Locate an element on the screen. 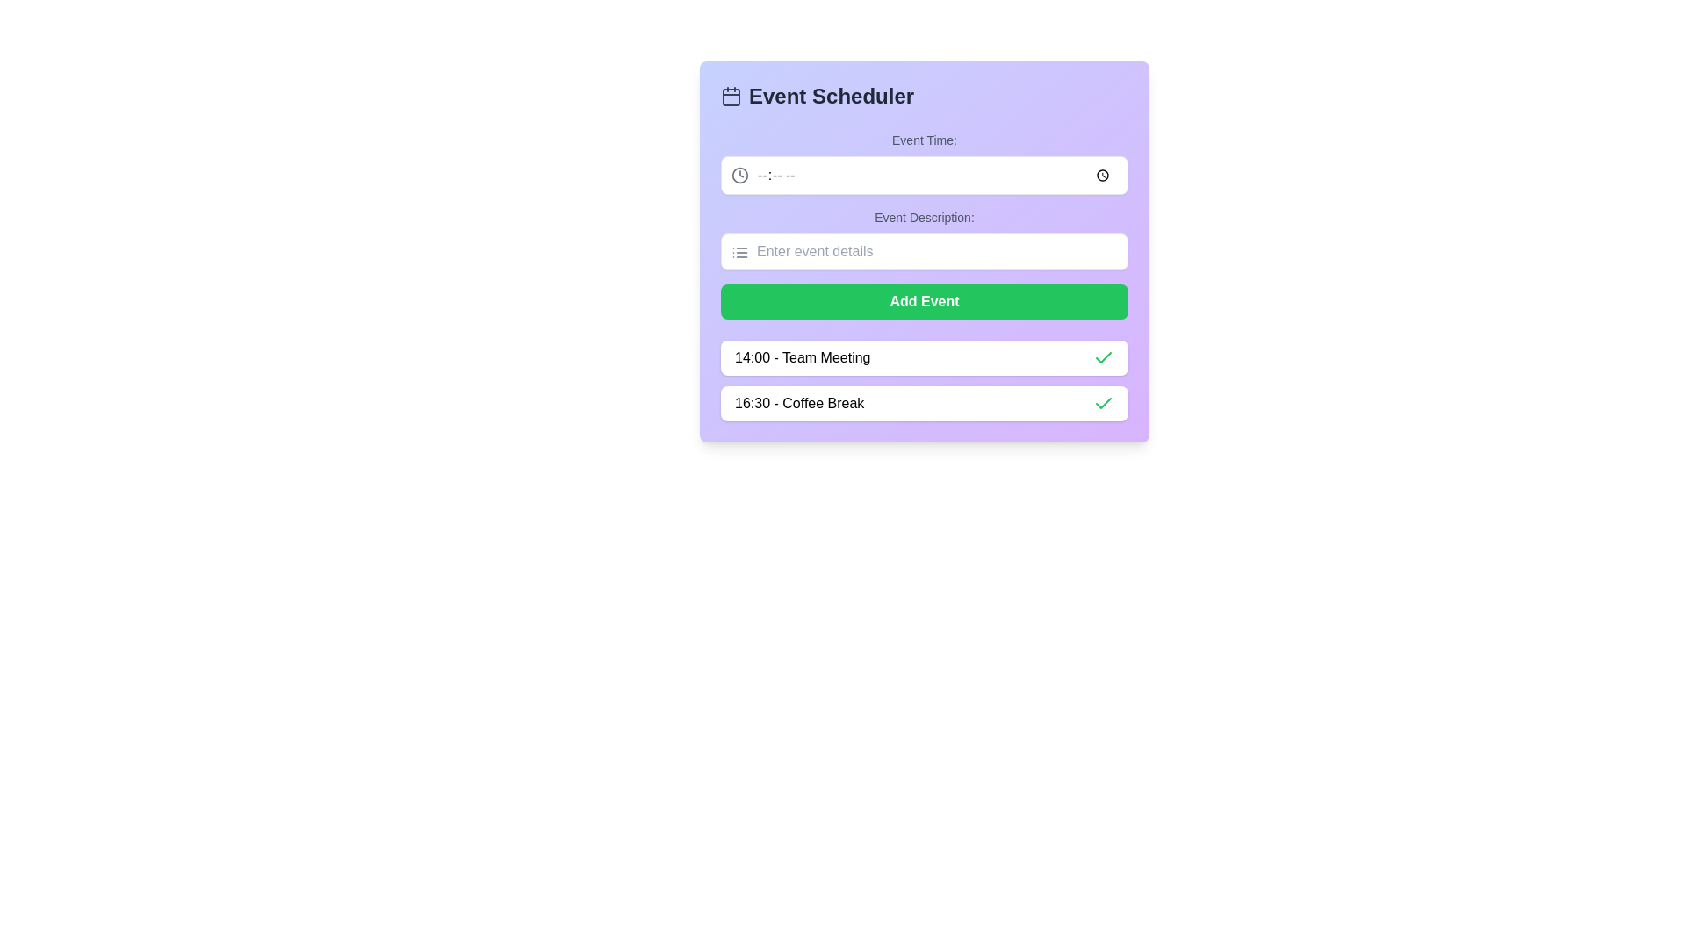 This screenshot has height=948, width=1686. the text label displaying '16:30 - Coffee Break' in black text to edit the event details is located at coordinates (798, 403).